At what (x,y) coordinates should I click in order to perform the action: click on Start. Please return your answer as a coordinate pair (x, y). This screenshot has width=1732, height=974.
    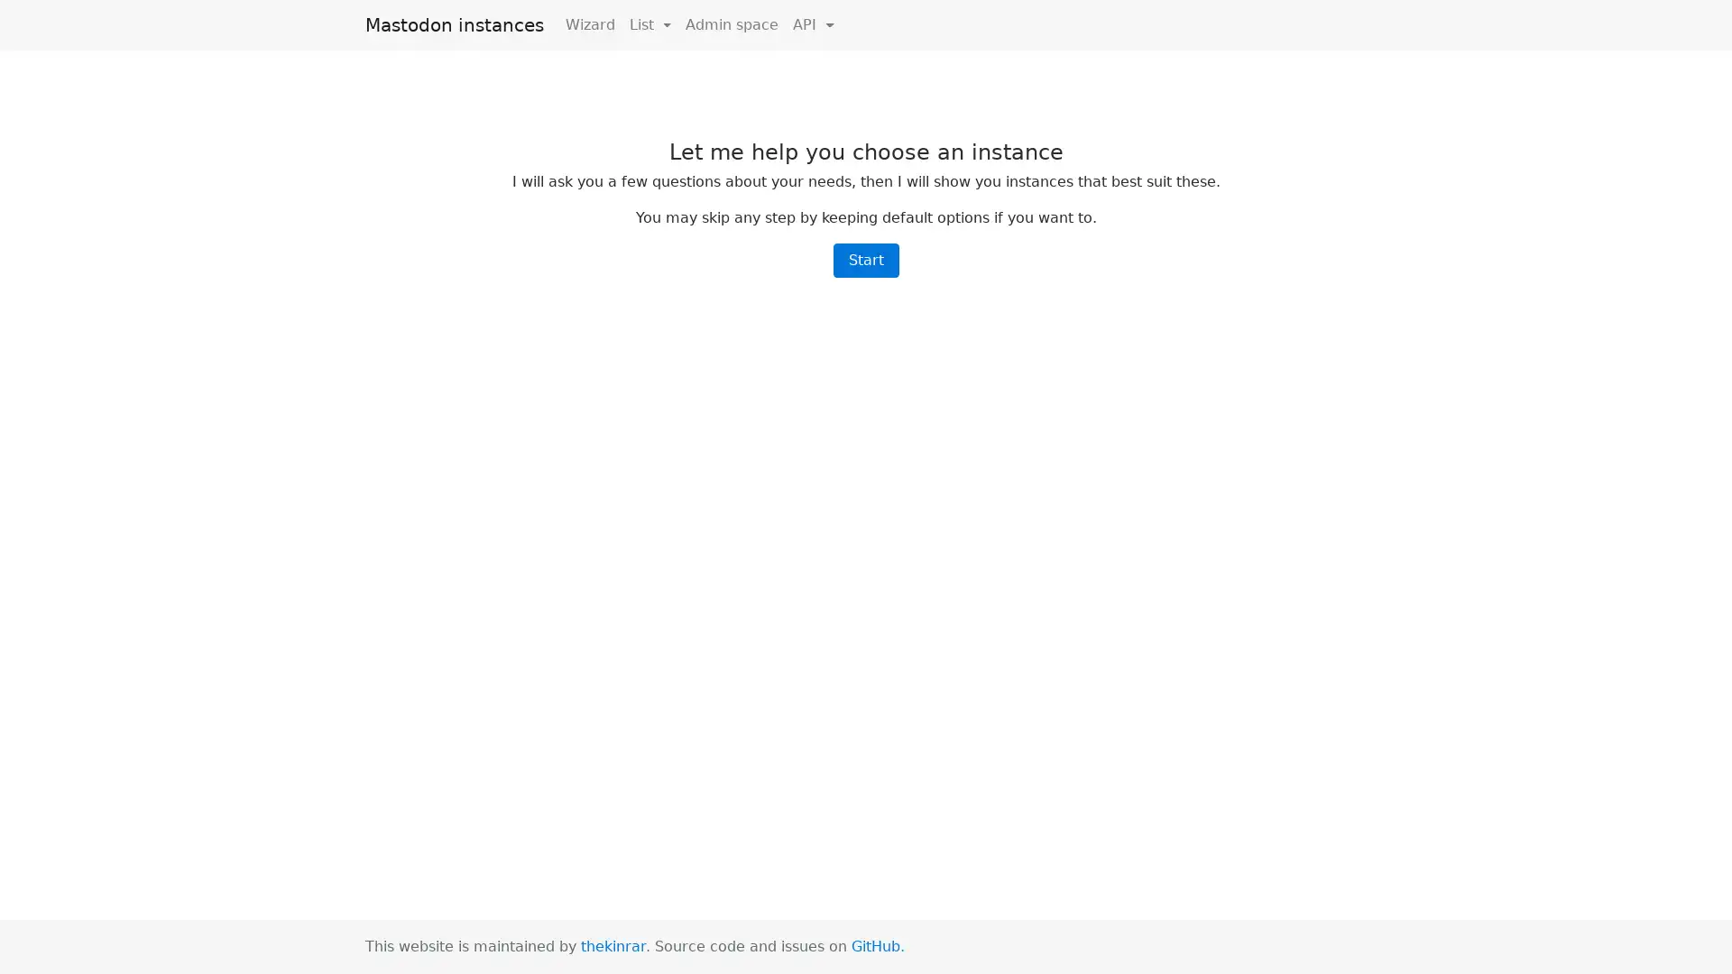
    Looking at the image, I should click on (864, 261).